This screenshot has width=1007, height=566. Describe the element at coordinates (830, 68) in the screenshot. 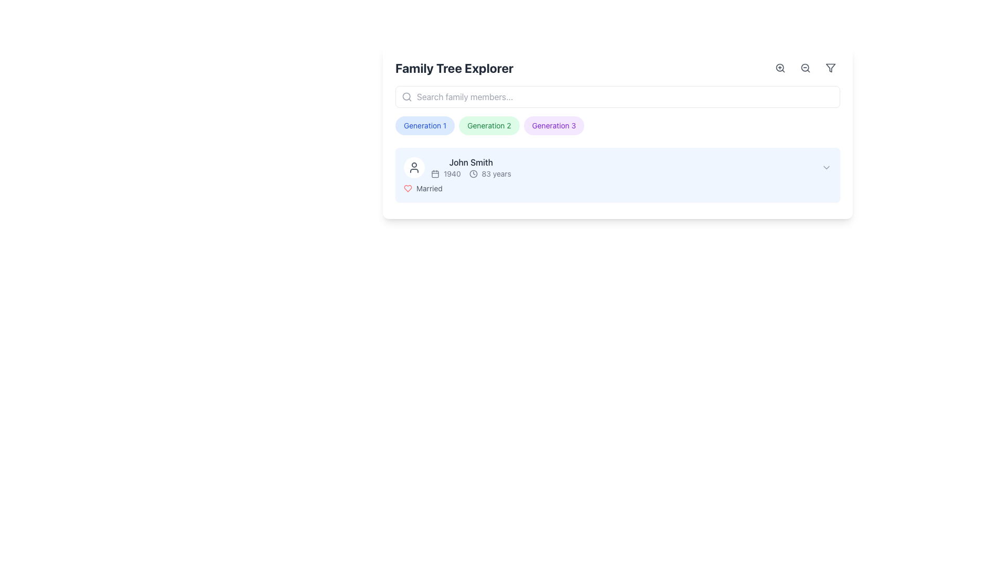

I see `the circular button with a filter icon located in the top-right corner of the interface` at that location.